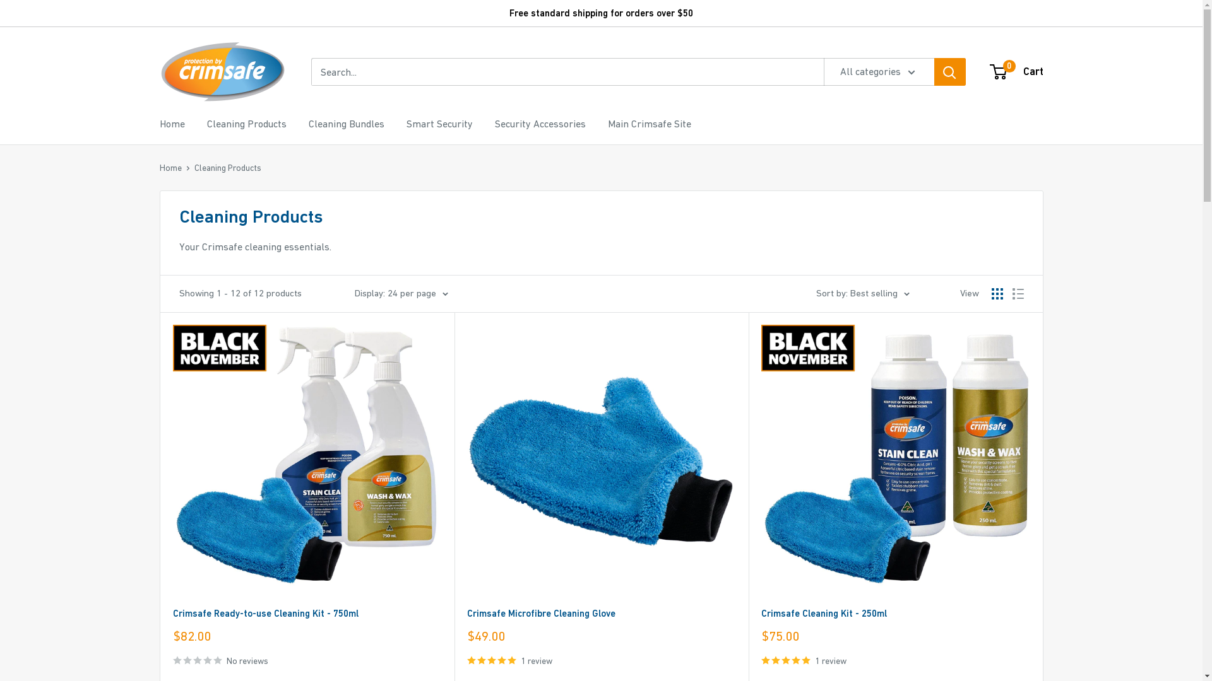  I want to click on 'Cleaning Bundles', so click(345, 124).